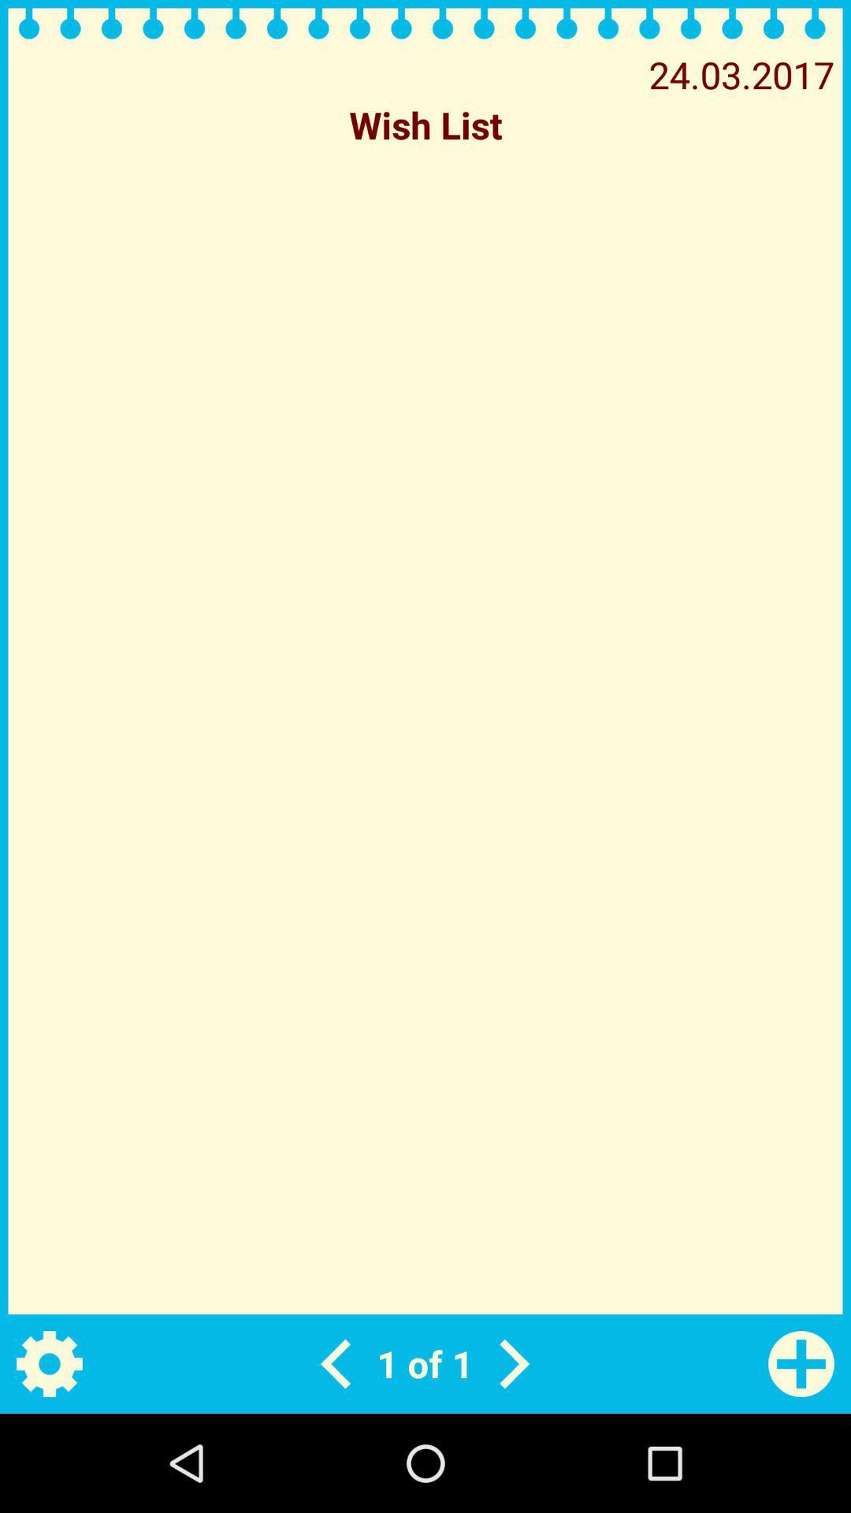 This screenshot has width=851, height=1513. Describe the element at coordinates (334, 1459) in the screenshot. I see `the arrow_backward icon` at that location.